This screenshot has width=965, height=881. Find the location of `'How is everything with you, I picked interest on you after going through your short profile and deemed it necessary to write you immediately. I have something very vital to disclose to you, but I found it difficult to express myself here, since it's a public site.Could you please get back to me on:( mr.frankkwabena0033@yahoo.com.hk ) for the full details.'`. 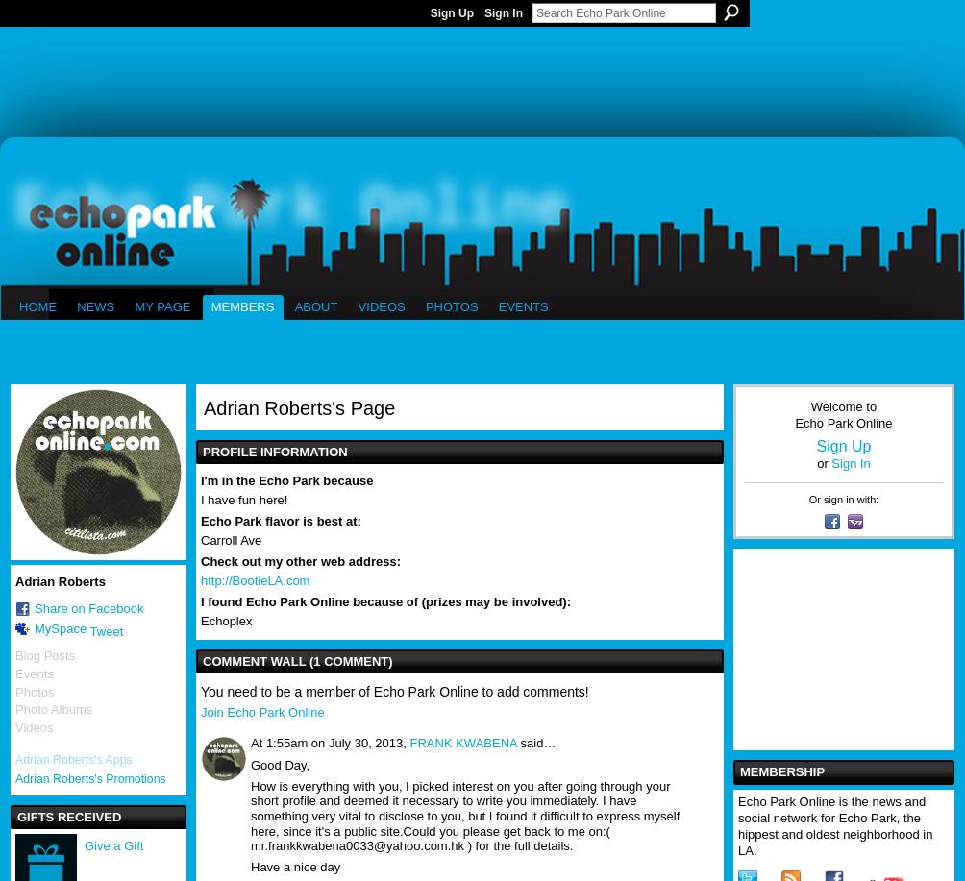

'How is everything with you, I picked interest on you after going through your short profile and deemed it necessary to write you immediately. I have something very vital to disclose to you, but I found it difficult to express myself here, since it's a public site.Could you please get back to me on:( mr.frankkwabena0033@yahoo.com.hk ) for the full details.' is located at coordinates (464, 815).